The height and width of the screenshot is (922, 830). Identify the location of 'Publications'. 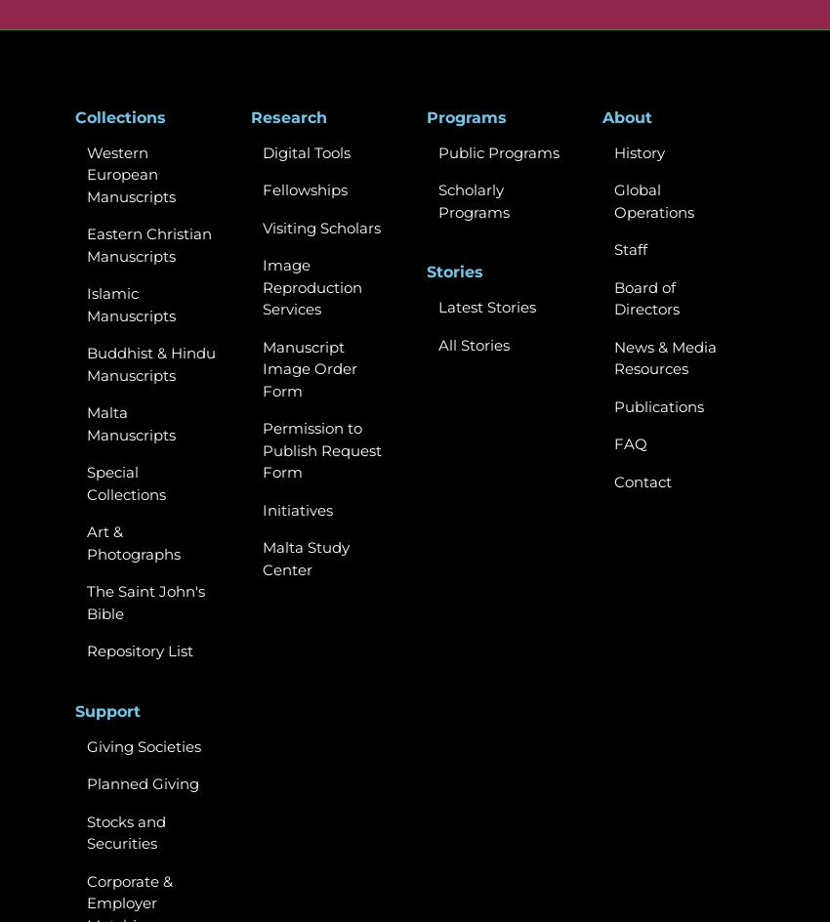
(658, 404).